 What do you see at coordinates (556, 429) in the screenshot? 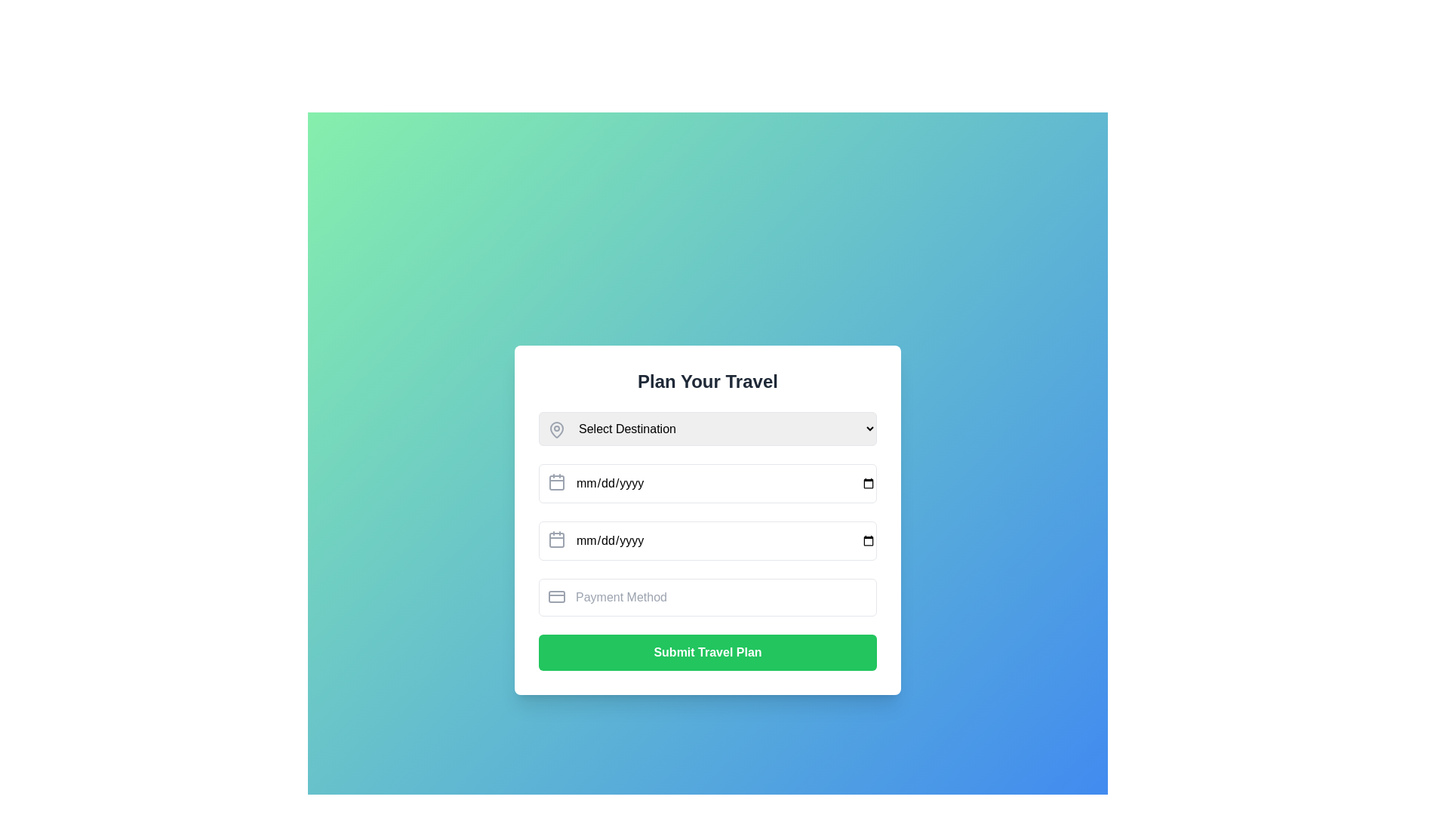
I see `the map pin icon located at the top-left corner inside the 'Select Destination' dropdown field, which visually represents location selection` at bounding box center [556, 429].